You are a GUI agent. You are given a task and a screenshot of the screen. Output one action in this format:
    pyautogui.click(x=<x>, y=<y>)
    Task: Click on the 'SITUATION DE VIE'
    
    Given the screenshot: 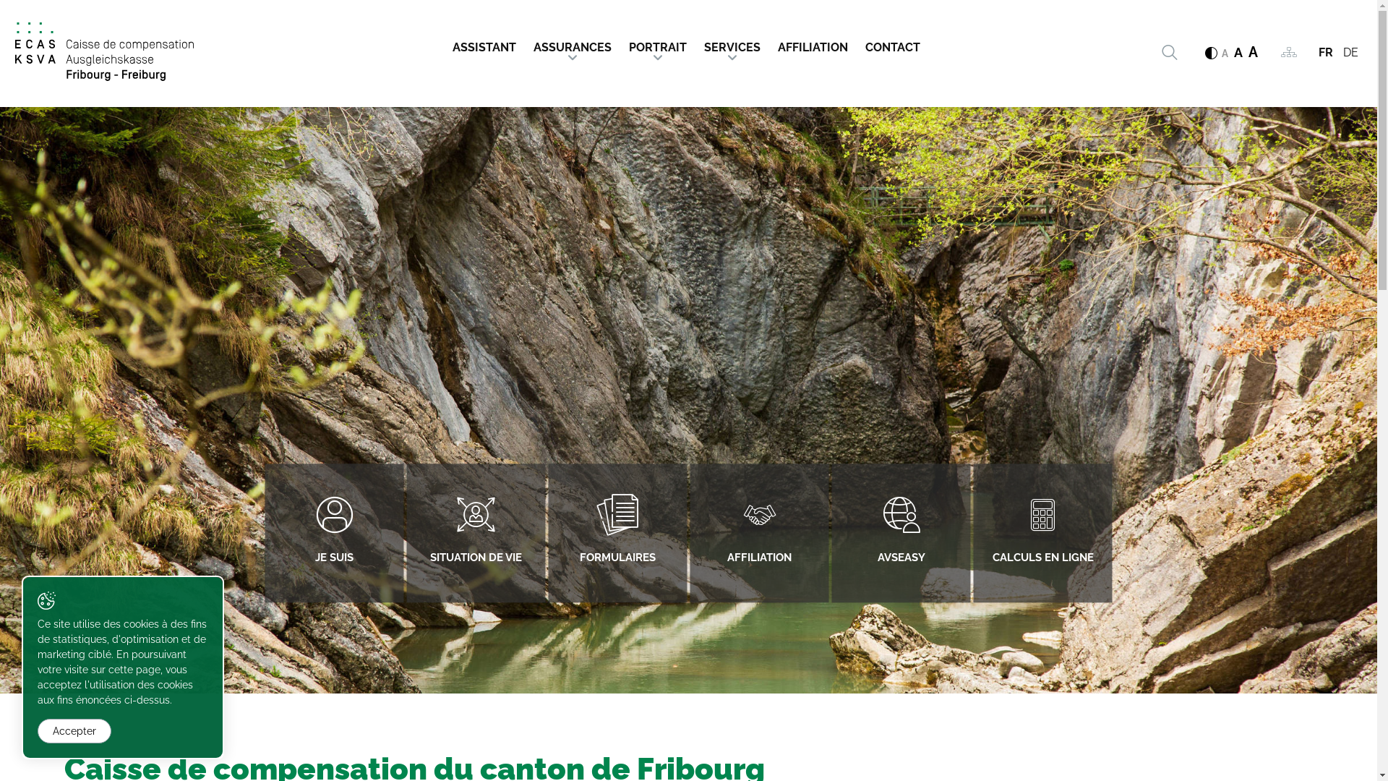 What is the action you would take?
    pyautogui.click(x=475, y=533)
    